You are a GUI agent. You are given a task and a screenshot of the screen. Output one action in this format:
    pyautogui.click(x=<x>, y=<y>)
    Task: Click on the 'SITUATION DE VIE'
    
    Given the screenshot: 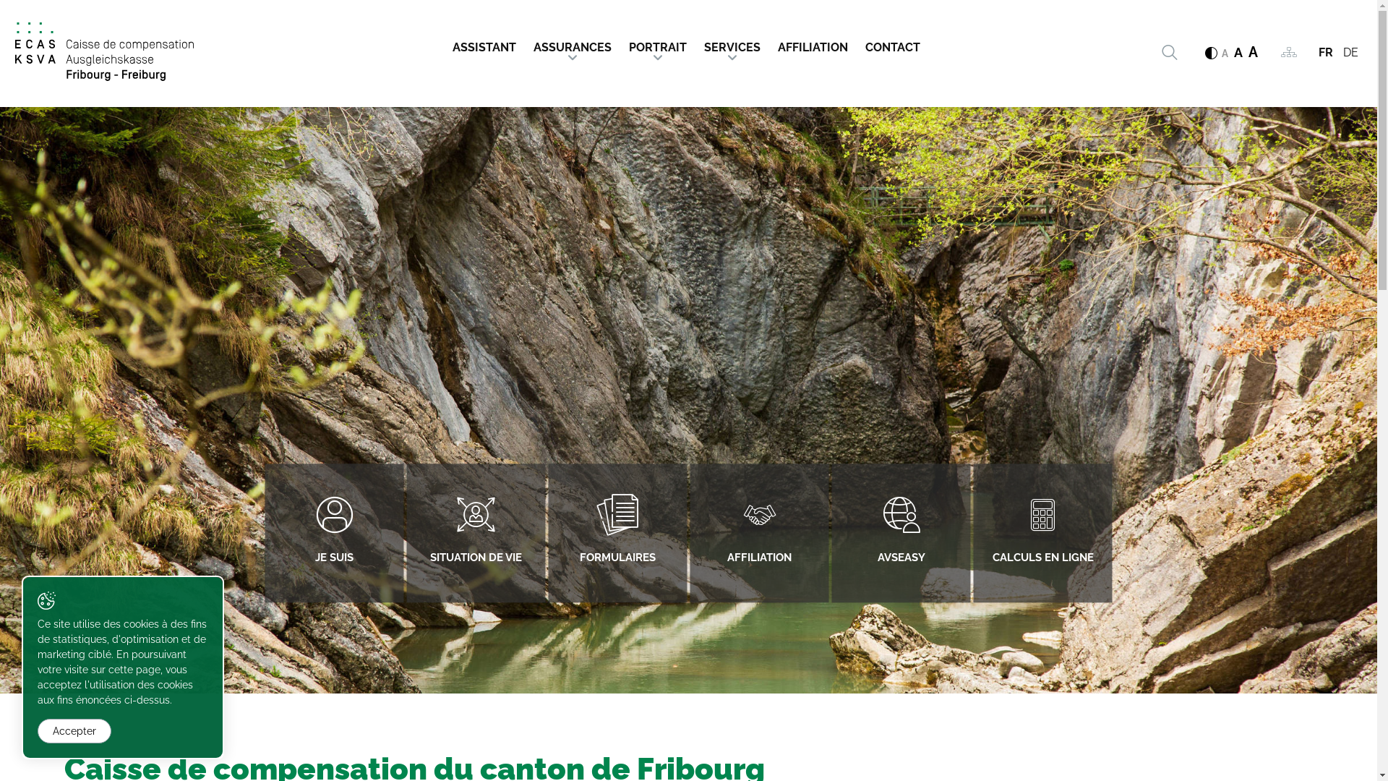 What is the action you would take?
    pyautogui.click(x=475, y=533)
    